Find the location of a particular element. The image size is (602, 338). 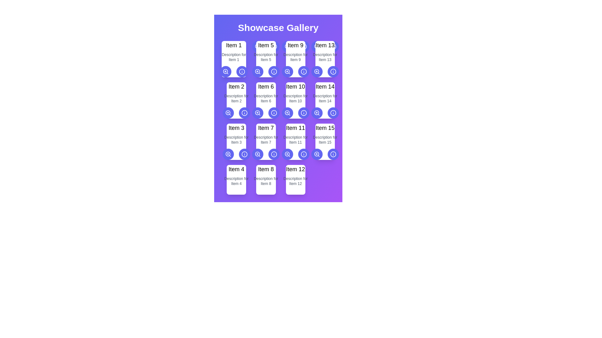

the right button in the button group below the card labeled 'Item 3' is located at coordinates (236, 154).